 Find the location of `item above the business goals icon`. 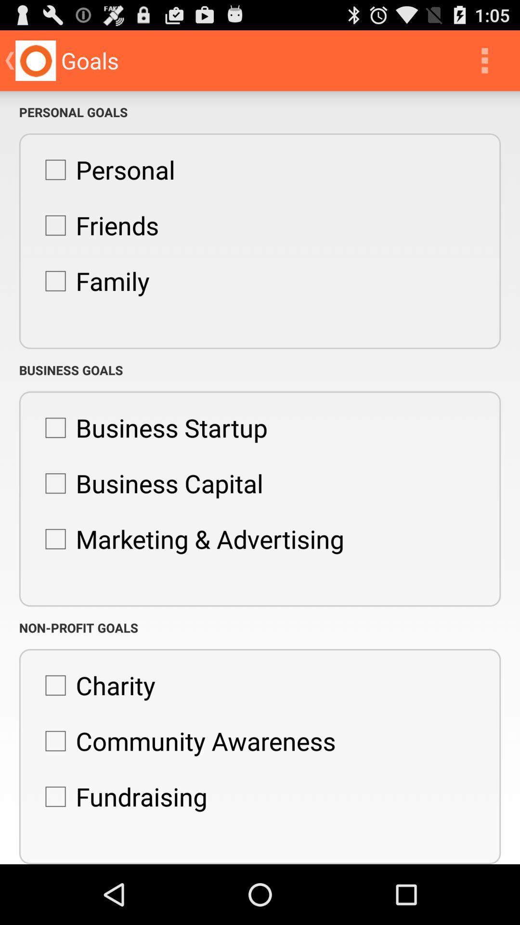

item above the business goals icon is located at coordinates (92, 280).